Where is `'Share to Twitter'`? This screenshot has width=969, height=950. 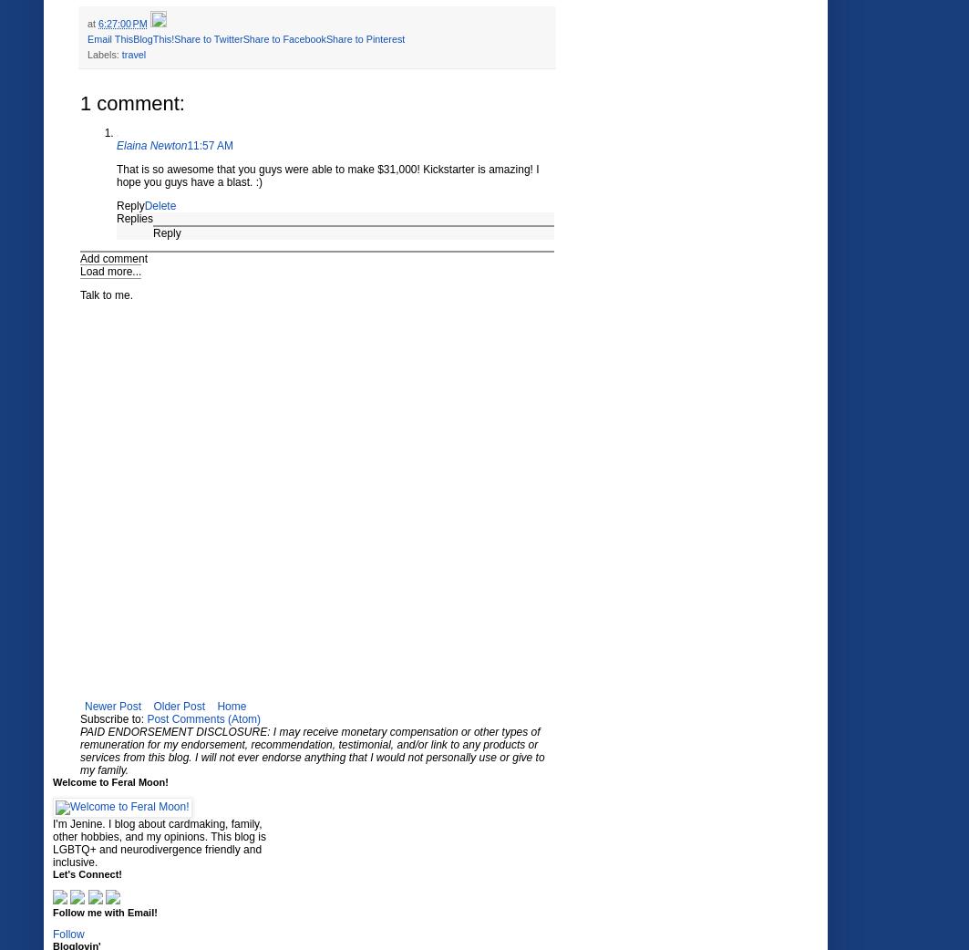 'Share to Twitter' is located at coordinates (174, 38).